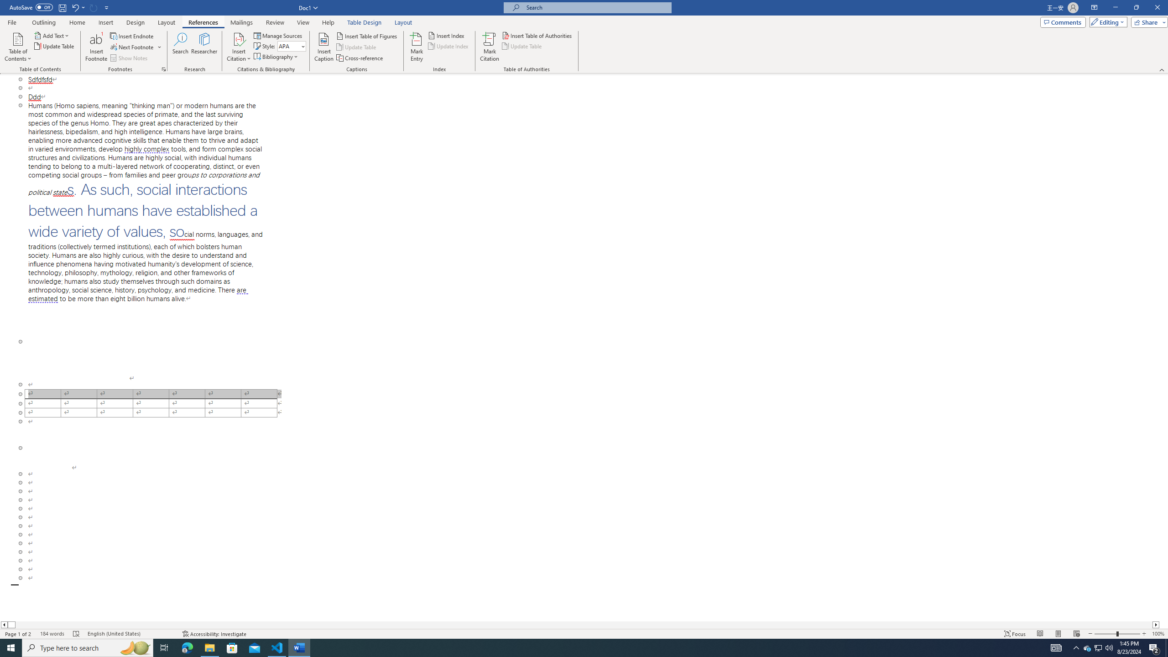 This screenshot has width=1168, height=657. What do you see at coordinates (136, 47) in the screenshot?
I see `'Next Footnote'` at bounding box center [136, 47].